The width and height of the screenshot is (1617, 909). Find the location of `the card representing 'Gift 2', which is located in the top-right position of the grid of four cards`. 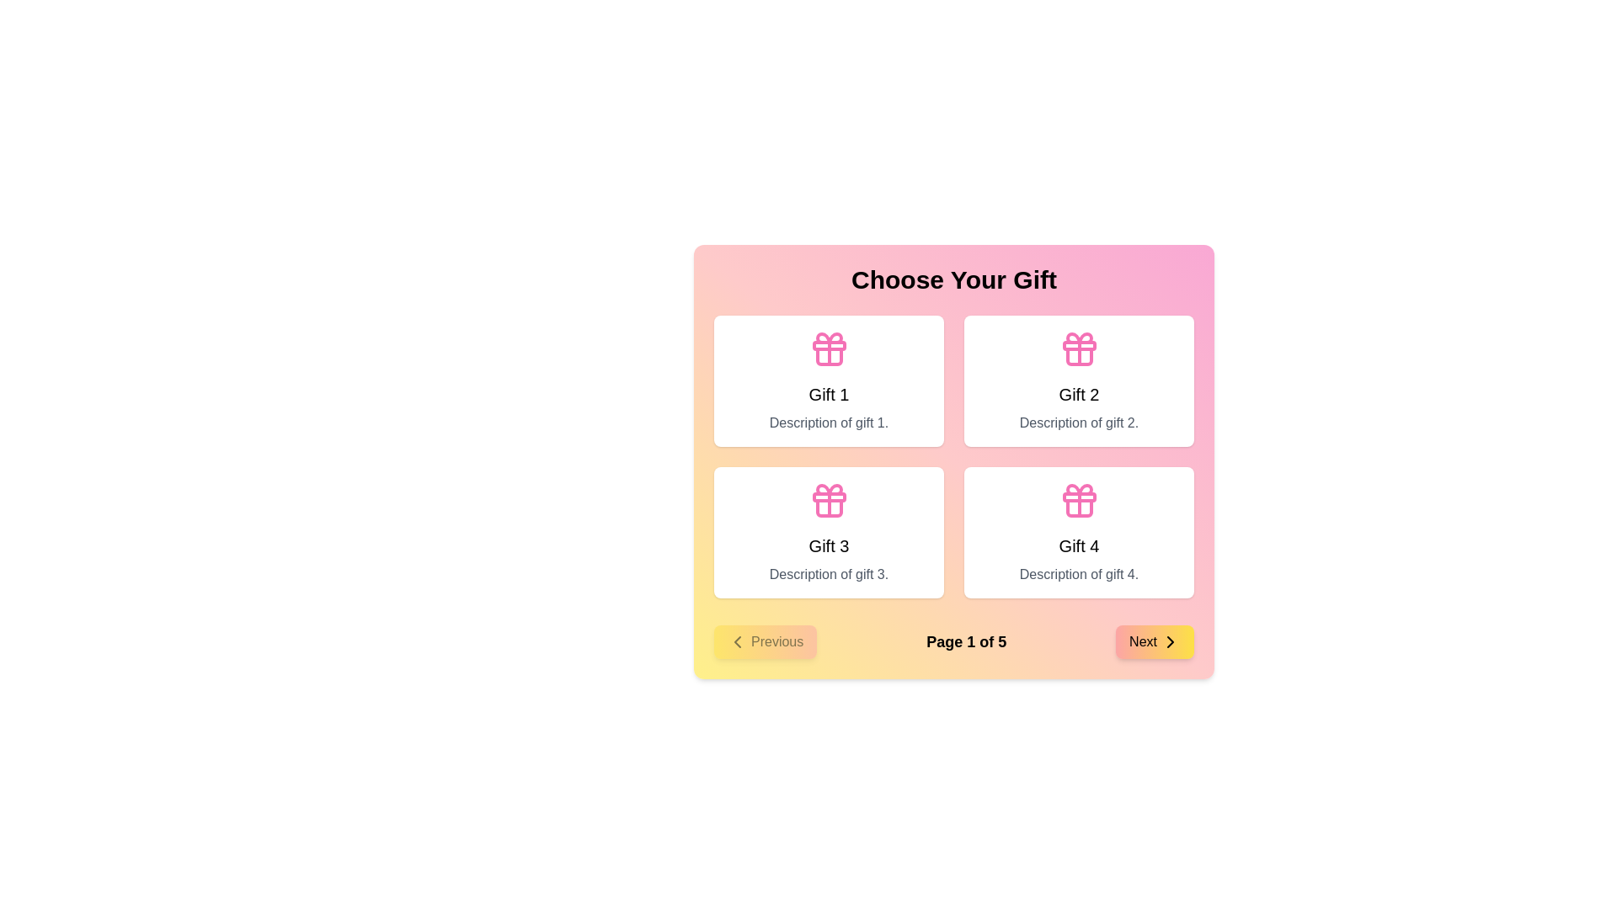

the card representing 'Gift 2', which is located in the top-right position of the grid of four cards is located at coordinates (1079, 380).